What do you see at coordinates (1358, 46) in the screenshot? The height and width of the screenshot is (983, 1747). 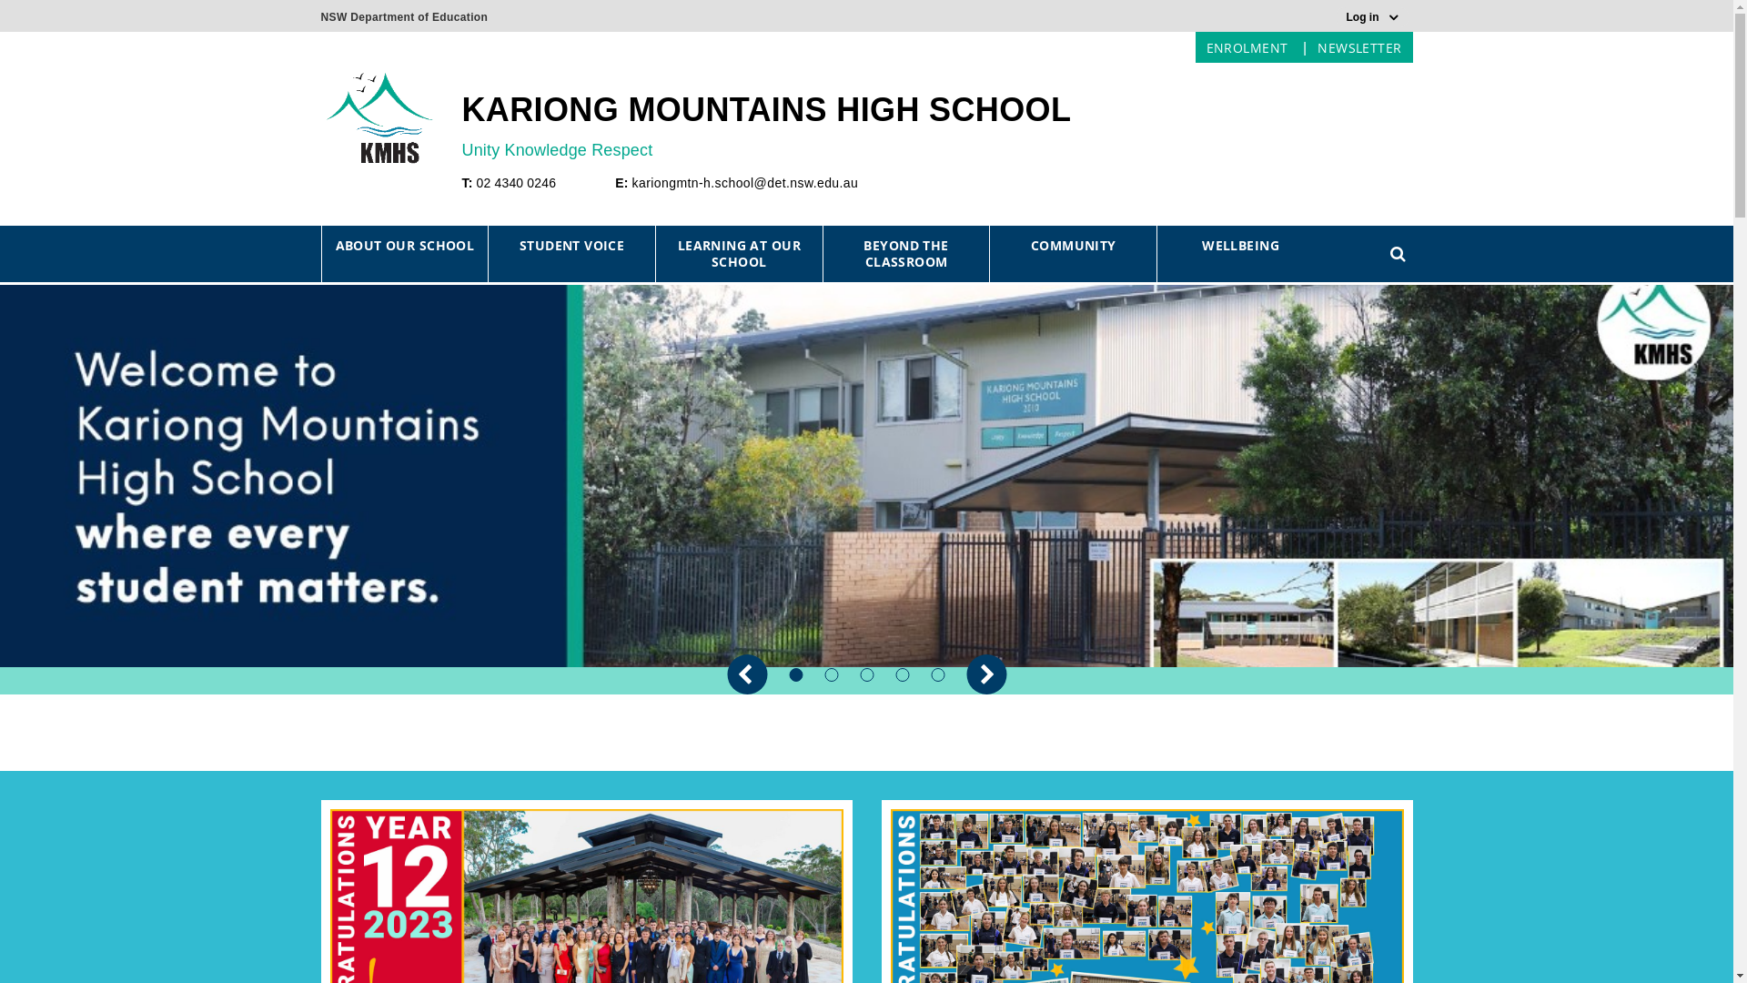 I see `'NEWSLETTER'` at bounding box center [1358, 46].